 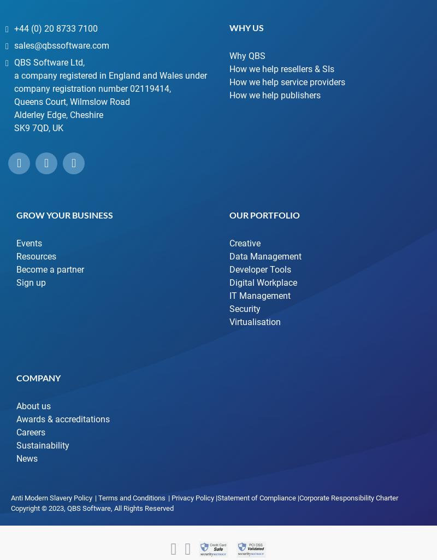 What do you see at coordinates (50, 269) in the screenshot?
I see `'Become a partner'` at bounding box center [50, 269].